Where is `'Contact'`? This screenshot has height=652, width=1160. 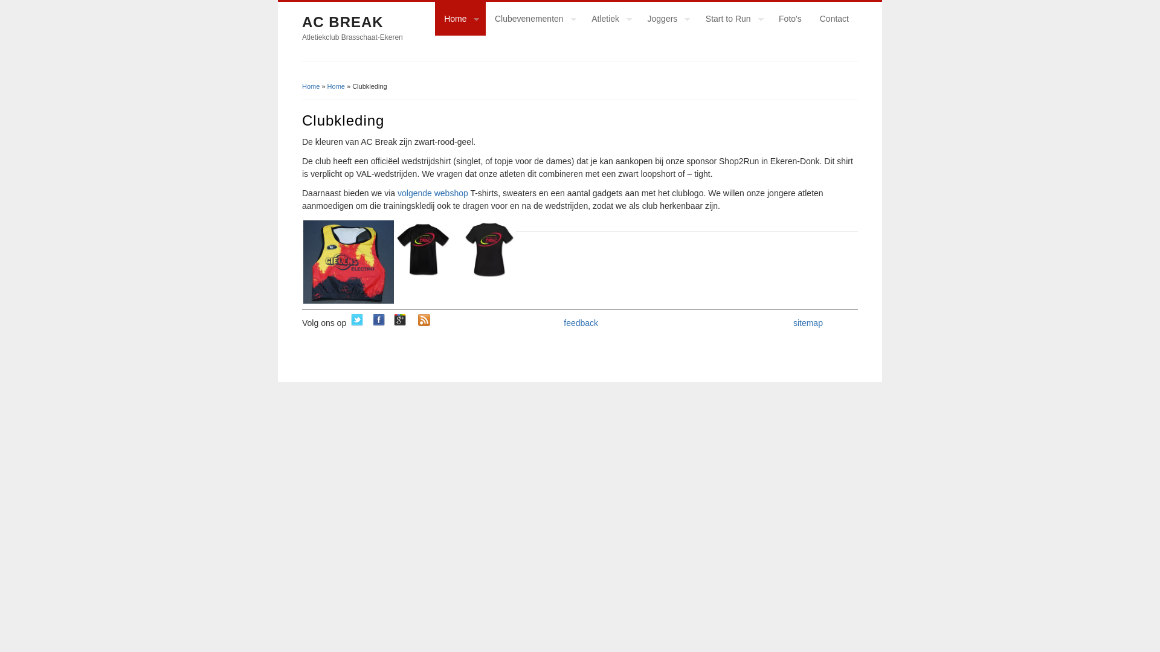 'Contact' is located at coordinates (834, 18).